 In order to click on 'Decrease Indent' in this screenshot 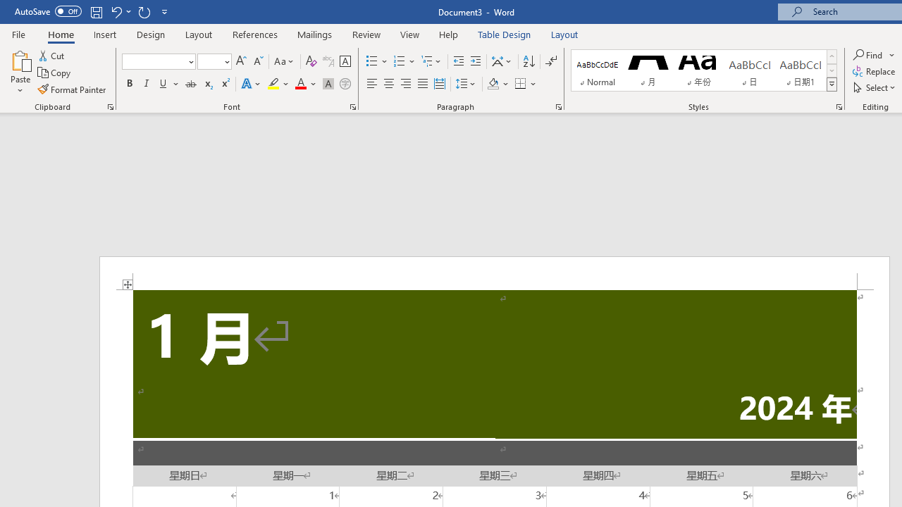, I will do `click(458, 61)`.